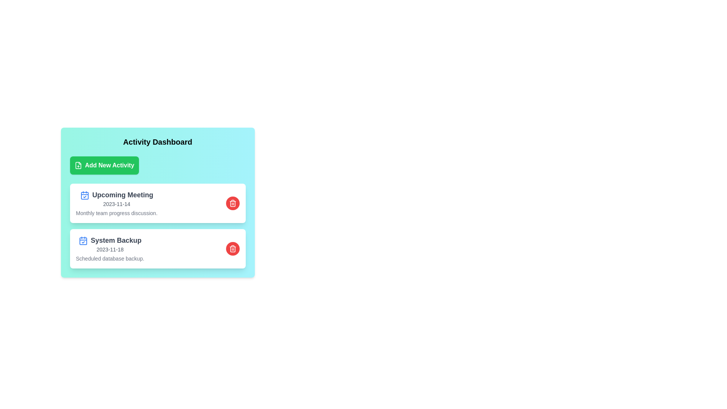 The height and width of the screenshot is (409, 727). I want to click on the button labeled Delete Upcoming Meeting to observe its visual feedback, so click(232, 203).